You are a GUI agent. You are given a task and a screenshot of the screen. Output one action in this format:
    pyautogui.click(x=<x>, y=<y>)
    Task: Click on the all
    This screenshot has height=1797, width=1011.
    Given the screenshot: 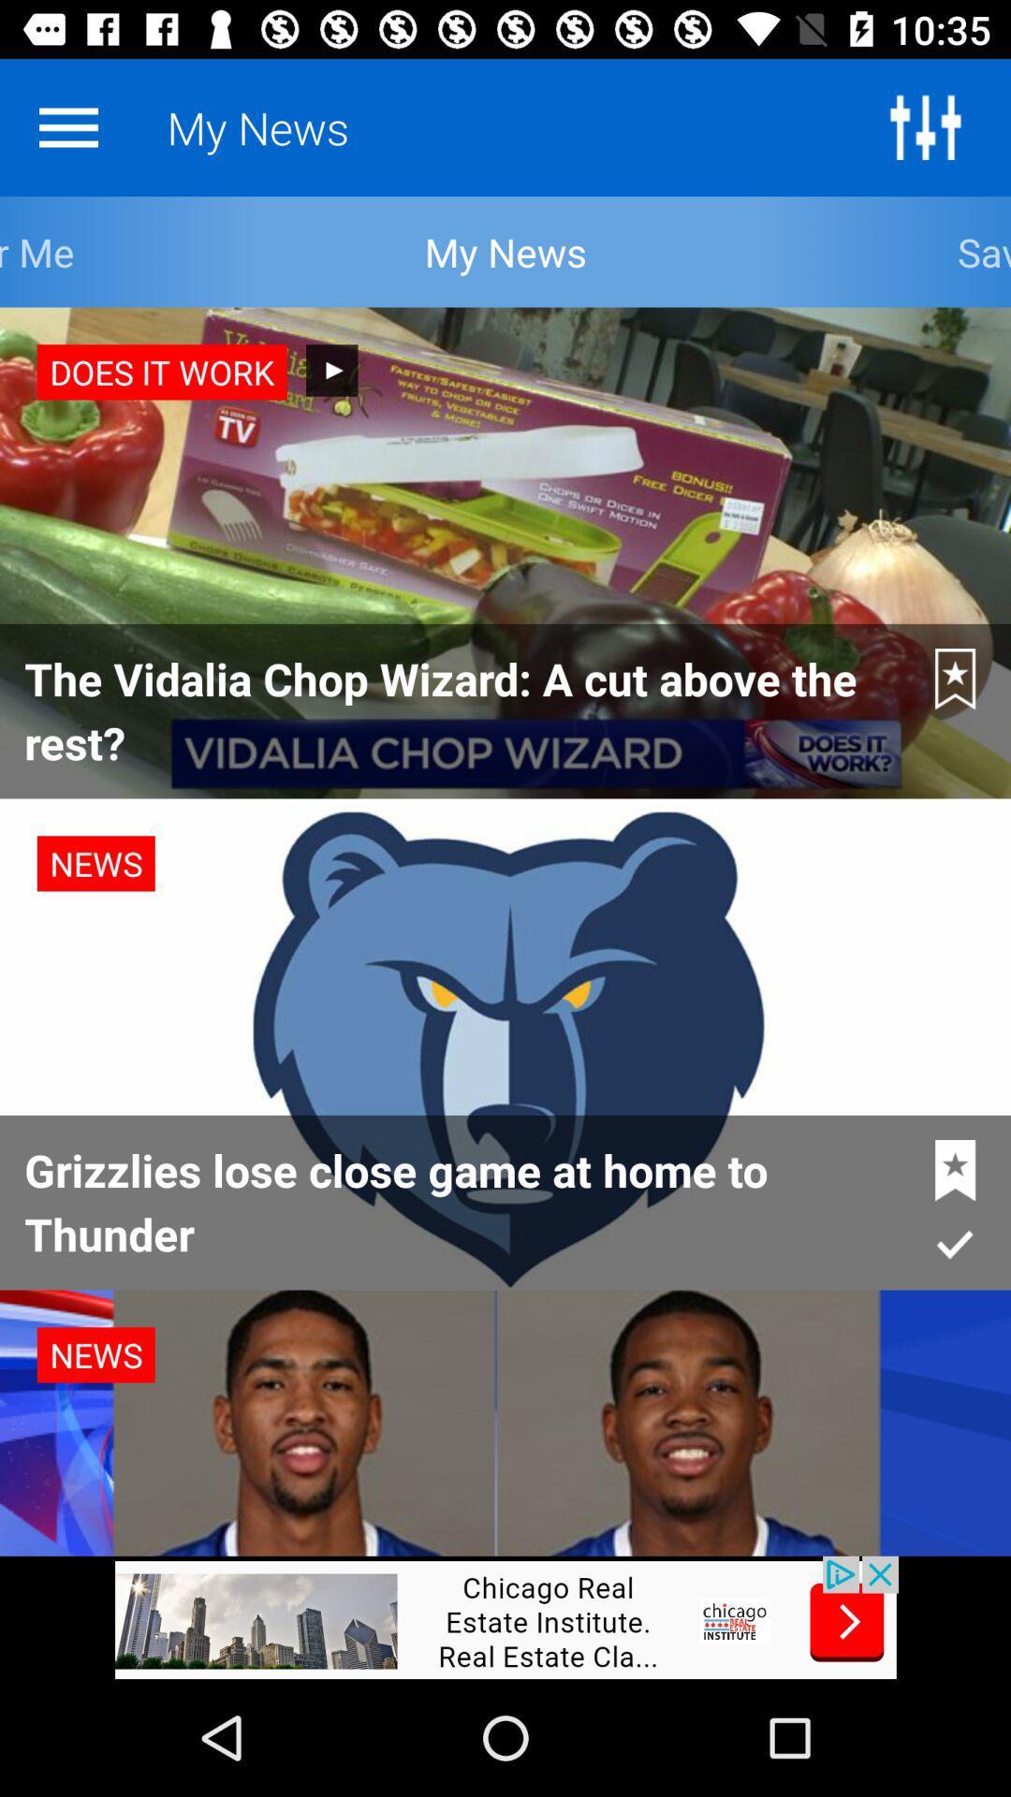 What is the action you would take?
    pyautogui.click(x=924, y=126)
    